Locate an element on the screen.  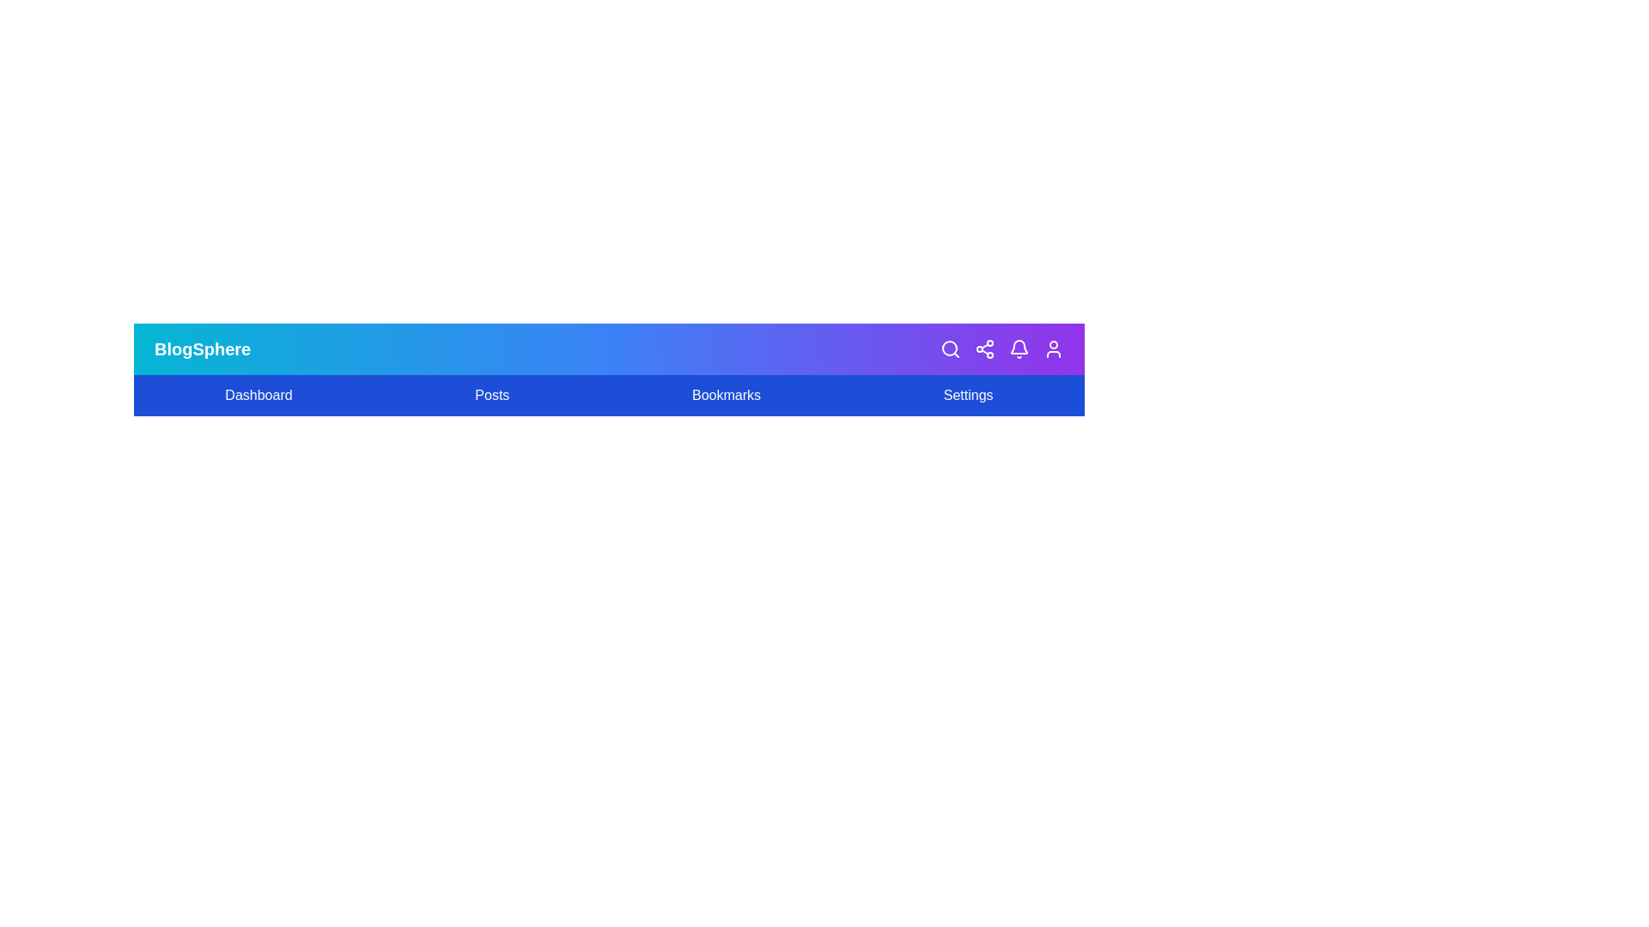
the 'Settings' menu item is located at coordinates (968, 396).